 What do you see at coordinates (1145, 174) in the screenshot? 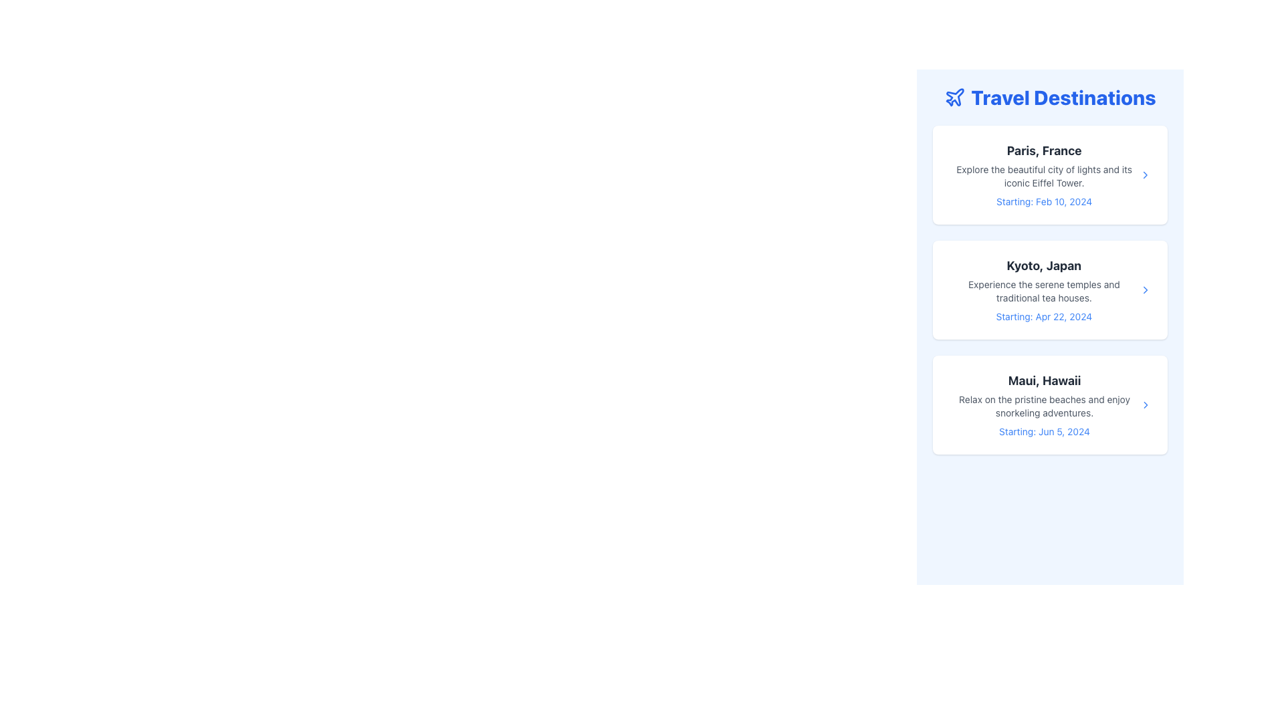
I see `the blue right-pointing chevron icon located to the right of the text 'Paris, France'` at bounding box center [1145, 174].